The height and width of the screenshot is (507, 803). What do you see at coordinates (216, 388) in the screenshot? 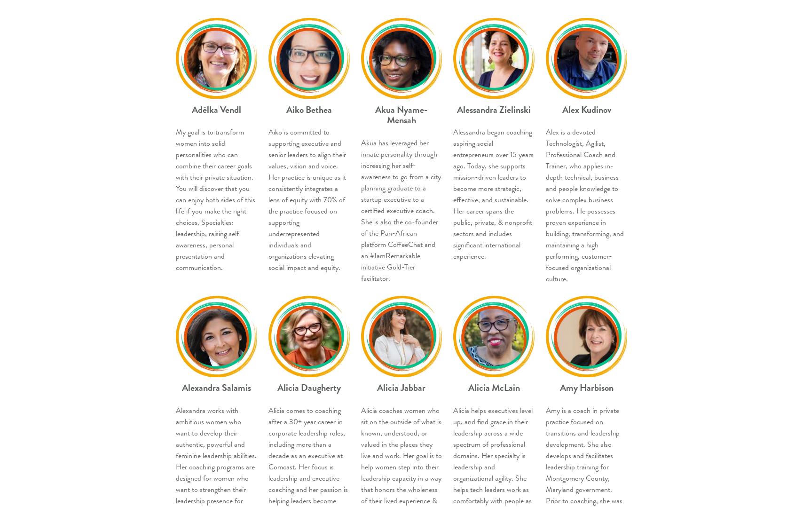
I see `'Alexandra Salamis'` at bounding box center [216, 388].